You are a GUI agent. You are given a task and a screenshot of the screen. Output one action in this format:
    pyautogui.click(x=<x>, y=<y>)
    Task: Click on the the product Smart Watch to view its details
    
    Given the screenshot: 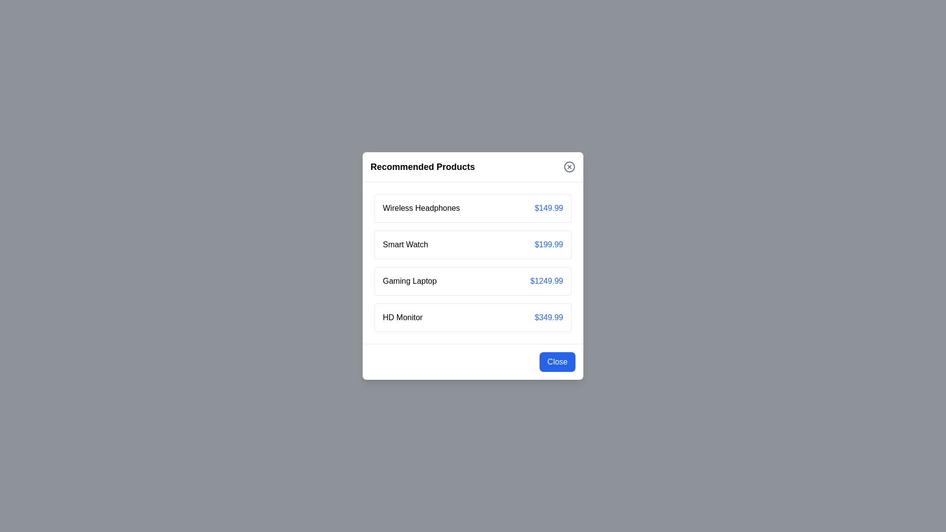 What is the action you would take?
    pyautogui.click(x=405, y=244)
    